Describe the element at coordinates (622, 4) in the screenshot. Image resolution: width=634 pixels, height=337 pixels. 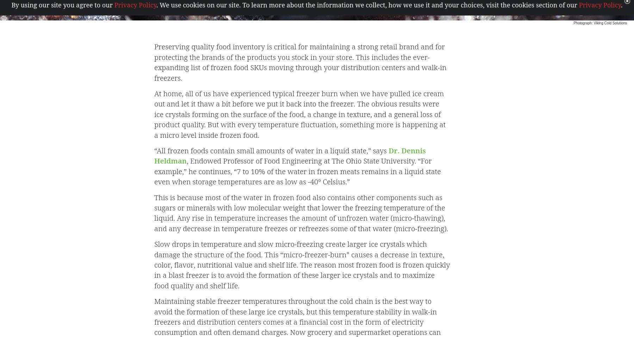
I see `'.'` at that location.